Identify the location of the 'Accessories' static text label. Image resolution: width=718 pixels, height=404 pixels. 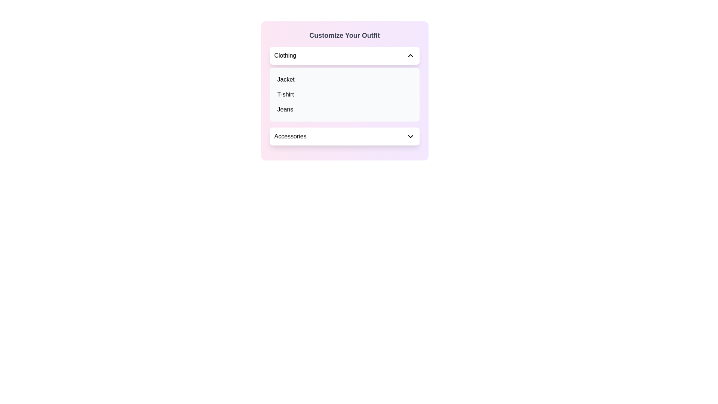
(290, 137).